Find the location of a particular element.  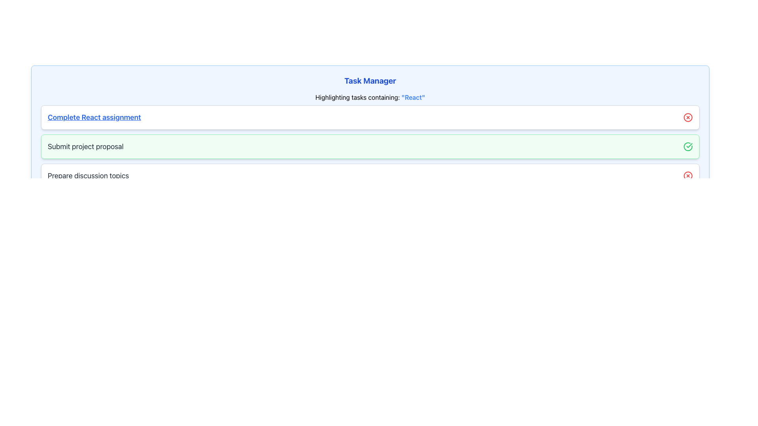

the text label 'Prepare discussion topics', which is the last item in the task management system, located below 'Submit project proposal' is located at coordinates (88, 175).